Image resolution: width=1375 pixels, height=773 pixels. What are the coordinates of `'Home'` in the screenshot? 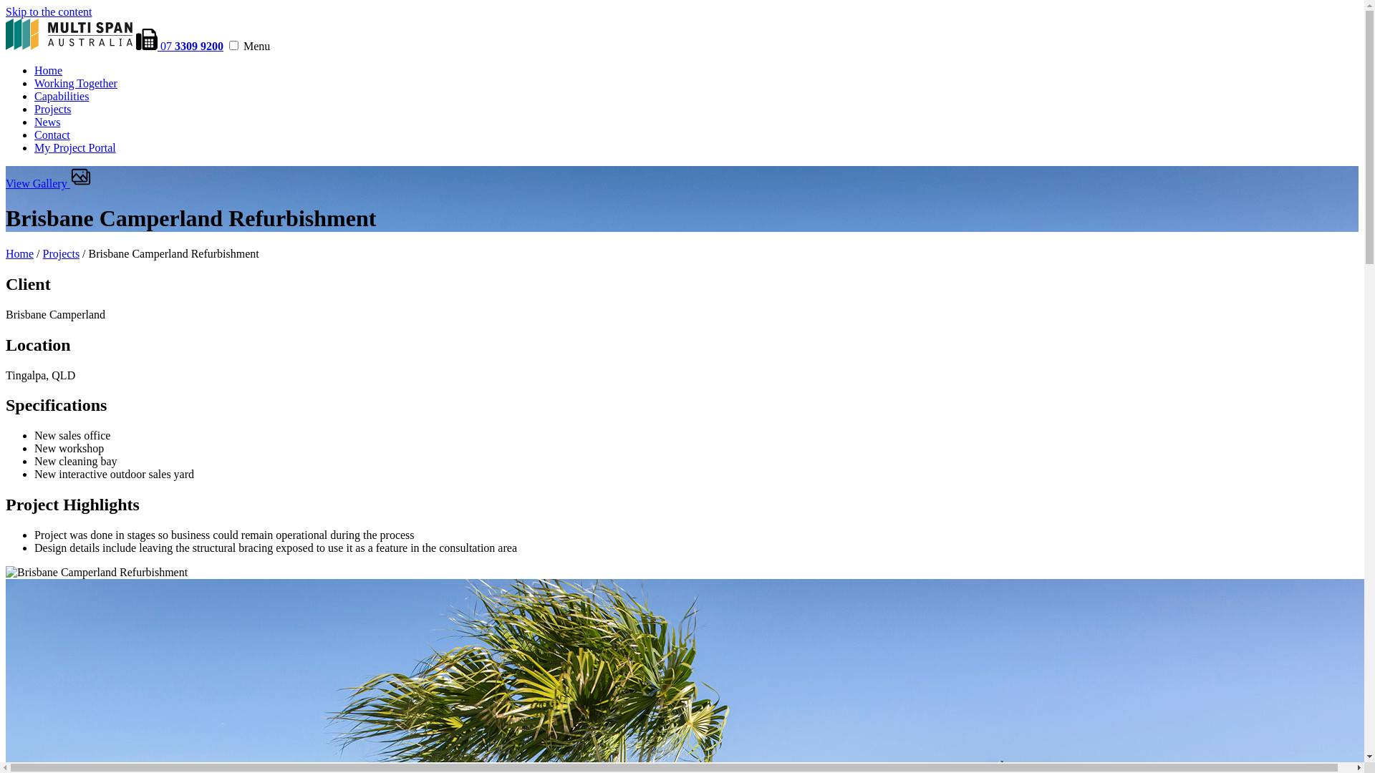 It's located at (48, 70).